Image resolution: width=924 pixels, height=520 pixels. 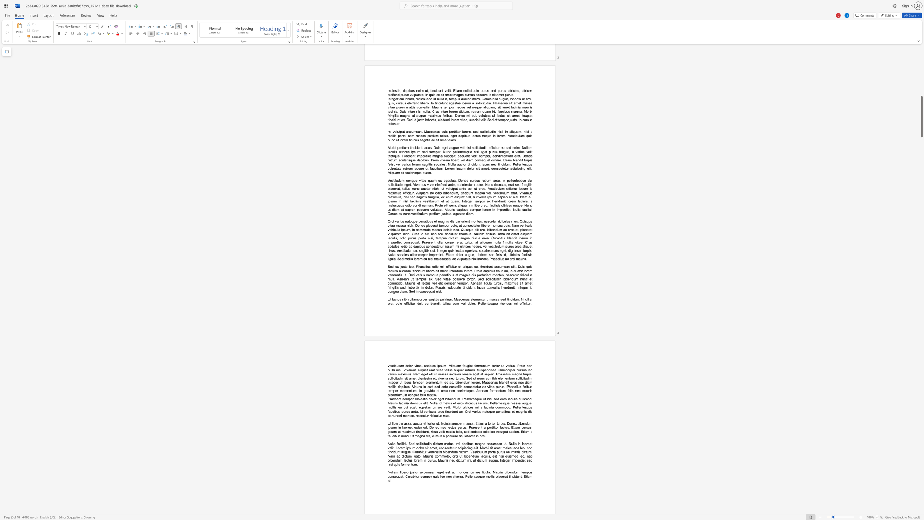 What do you see at coordinates (513, 403) in the screenshot?
I see `the subset text "assa augue, mollis eu dui eget, egestas ornare velit. Morbi ultrices mi a lacini" within the text "Praesent semper molestie dolor eget bibendum. Pellentesque ut nisi sed eros iaculis euismod. Mauris lacinia rhoncus elit. Nulla id metus et eros rhoncus iaculis. Pellentesque massa augue, mollis eu dui eget, egestas ornare velit. Morbi ultrices mi a lacinia commodo. Pellentesque faucibus purus ante, id vehicula arcu tincidunt ac. Orci varius natoque penatibus et magnis dis parturient montes, nascetur ridiculus mus."` at bounding box center [513, 403].